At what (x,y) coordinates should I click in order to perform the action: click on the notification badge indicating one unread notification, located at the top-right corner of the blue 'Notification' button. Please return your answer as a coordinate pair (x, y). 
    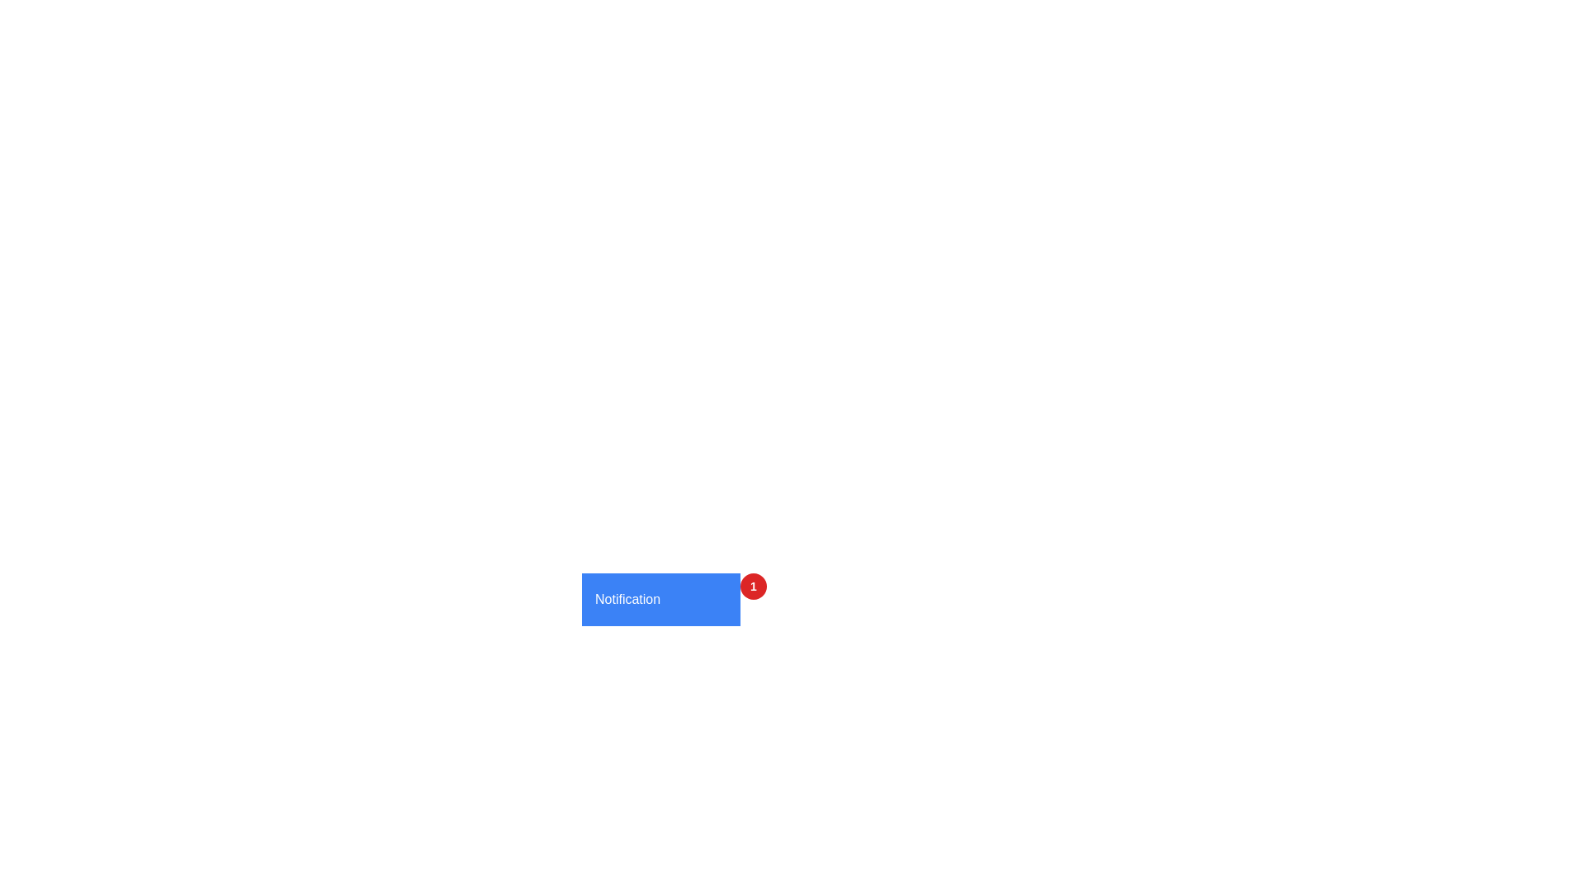
    Looking at the image, I should click on (752, 585).